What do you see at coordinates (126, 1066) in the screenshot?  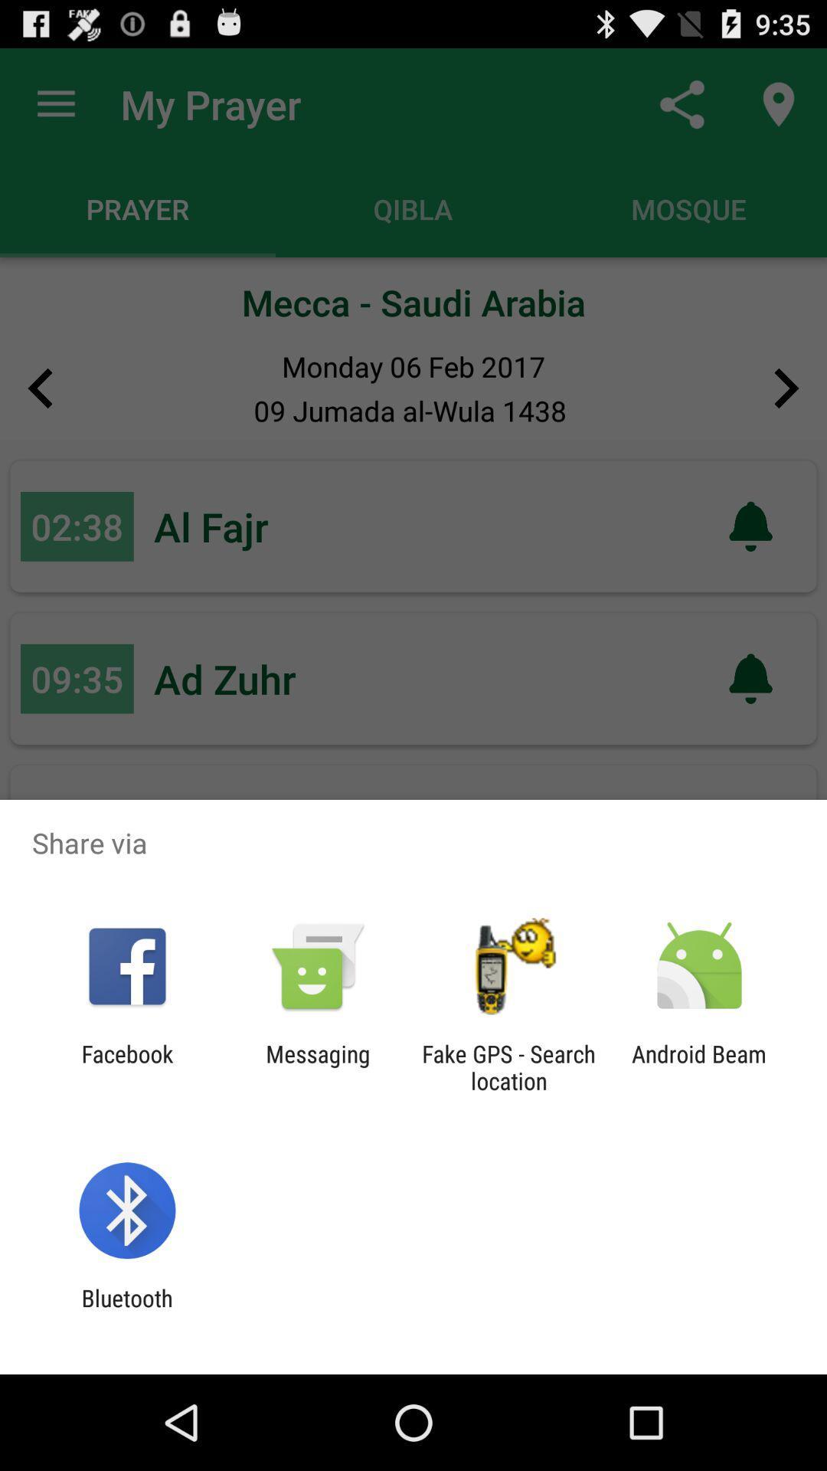 I see `the app to the left of messaging icon` at bounding box center [126, 1066].